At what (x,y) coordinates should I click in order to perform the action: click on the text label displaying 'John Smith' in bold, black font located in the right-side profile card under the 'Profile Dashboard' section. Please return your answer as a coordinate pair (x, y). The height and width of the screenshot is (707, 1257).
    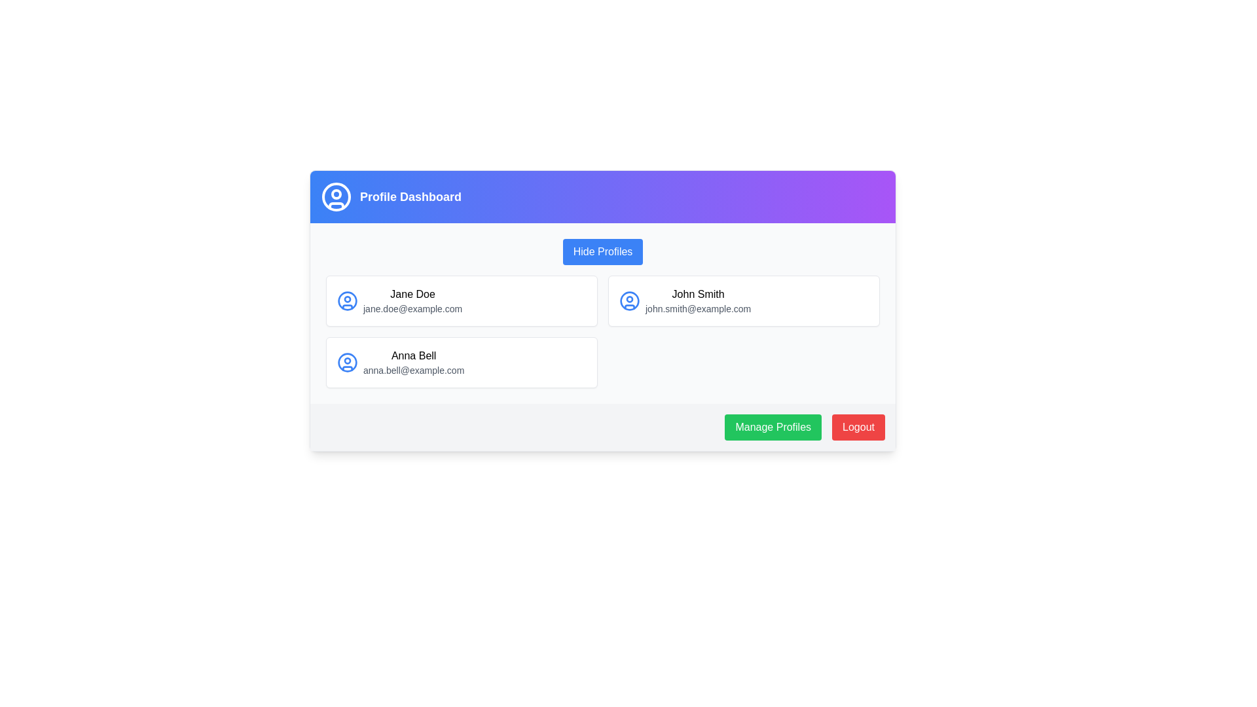
    Looking at the image, I should click on (697, 295).